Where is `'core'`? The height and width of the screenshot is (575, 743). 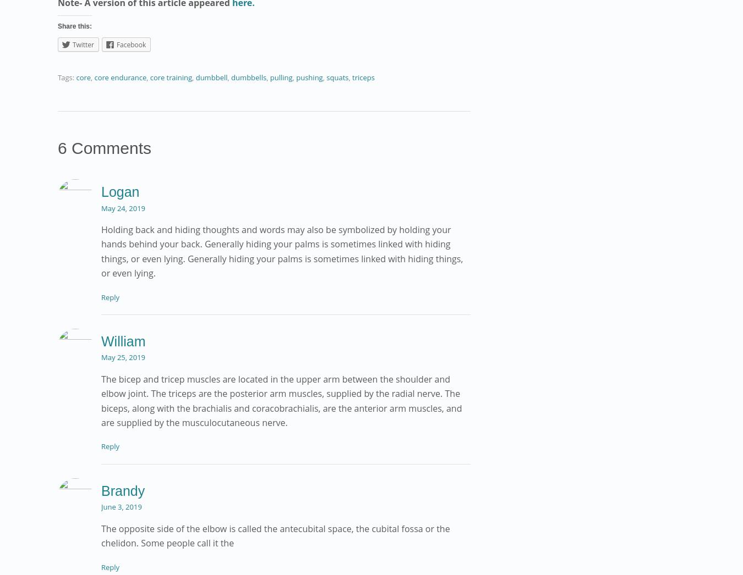 'core' is located at coordinates (83, 76).